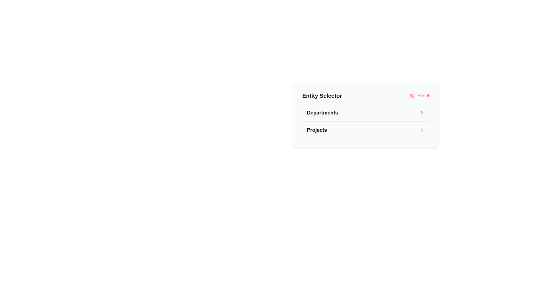 Image resolution: width=544 pixels, height=306 pixels. Describe the element at coordinates (366, 130) in the screenshot. I see `the 'Projects' list item with navigation capability` at that location.